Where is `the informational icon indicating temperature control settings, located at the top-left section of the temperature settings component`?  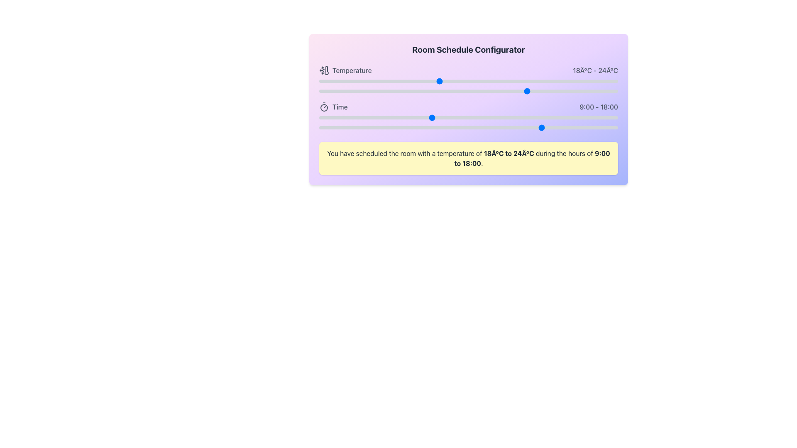 the informational icon indicating temperature control settings, located at the top-left section of the temperature settings component is located at coordinates (324, 70).